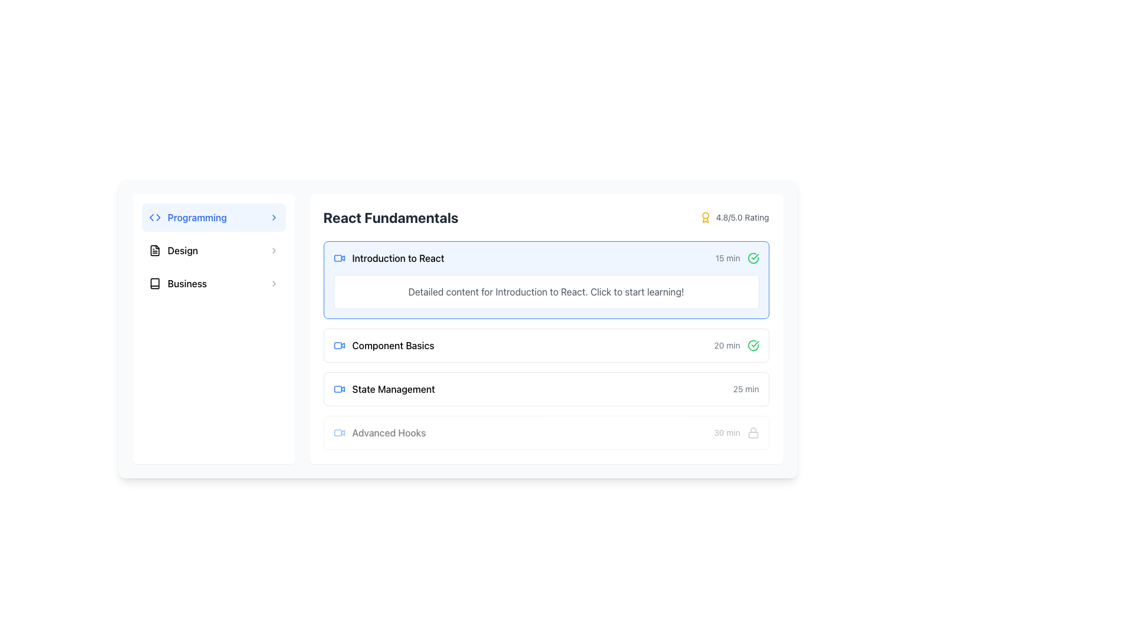 The width and height of the screenshot is (1132, 637). What do you see at coordinates (752, 432) in the screenshot?
I see `the state of the lock icon, which is a muted gray icon with a circular shackle and rounded rectangular body, positioned next to the '30 min' text in the 'Advanced Hooks' list item` at bounding box center [752, 432].